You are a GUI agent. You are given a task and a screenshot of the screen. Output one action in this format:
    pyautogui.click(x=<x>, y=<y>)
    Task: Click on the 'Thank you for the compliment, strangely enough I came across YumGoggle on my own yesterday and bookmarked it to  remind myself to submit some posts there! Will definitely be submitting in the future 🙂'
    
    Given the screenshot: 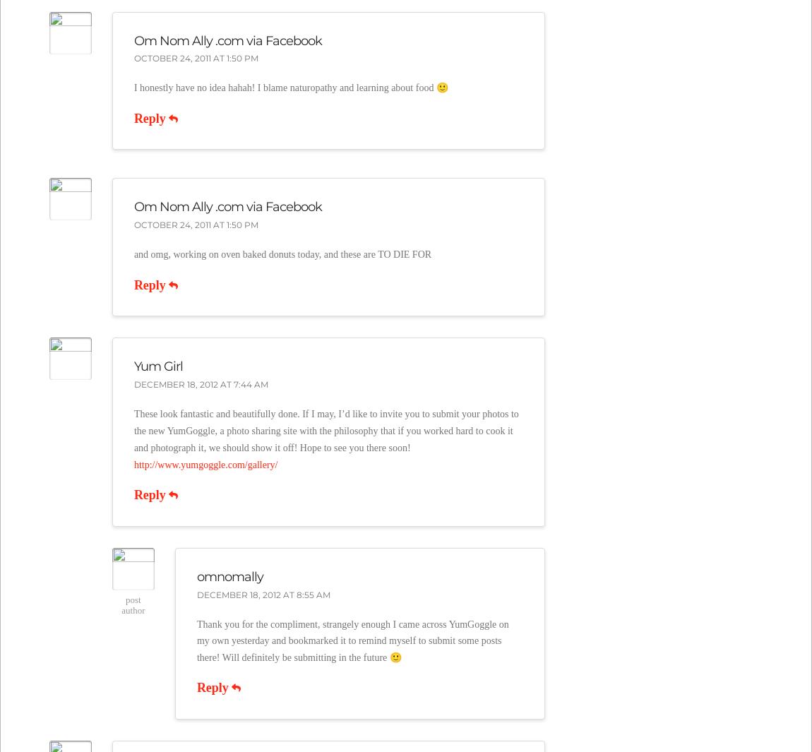 What is the action you would take?
    pyautogui.click(x=195, y=640)
    